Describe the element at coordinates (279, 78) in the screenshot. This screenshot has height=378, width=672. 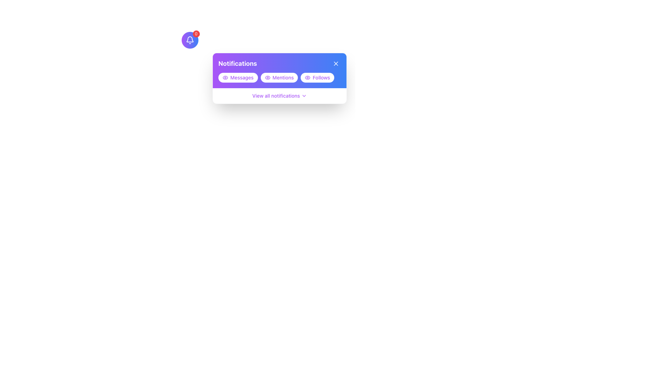
I see `the 'Mentions' button, which has a purple outline and an eye icon on the left, located under the 'Notifications' text` at that location.